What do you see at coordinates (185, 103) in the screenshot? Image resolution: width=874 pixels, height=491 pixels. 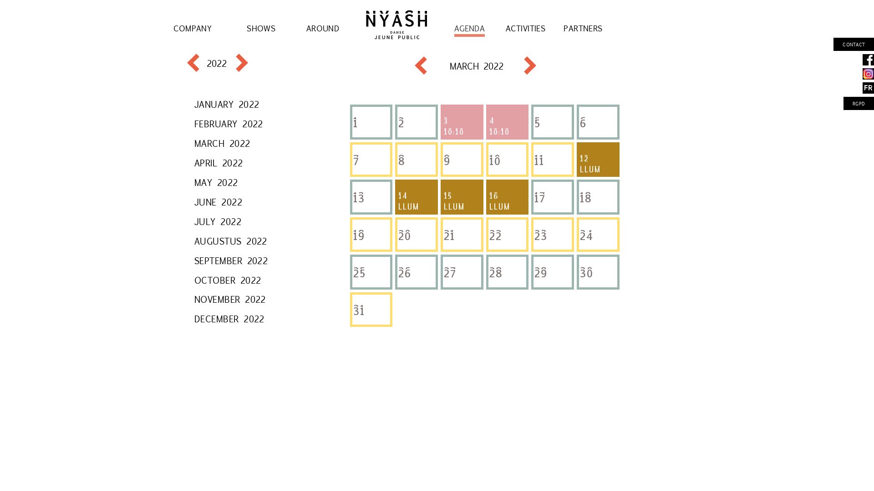 I see `'JANUARY 2022'` at bounding box center [185, 103].